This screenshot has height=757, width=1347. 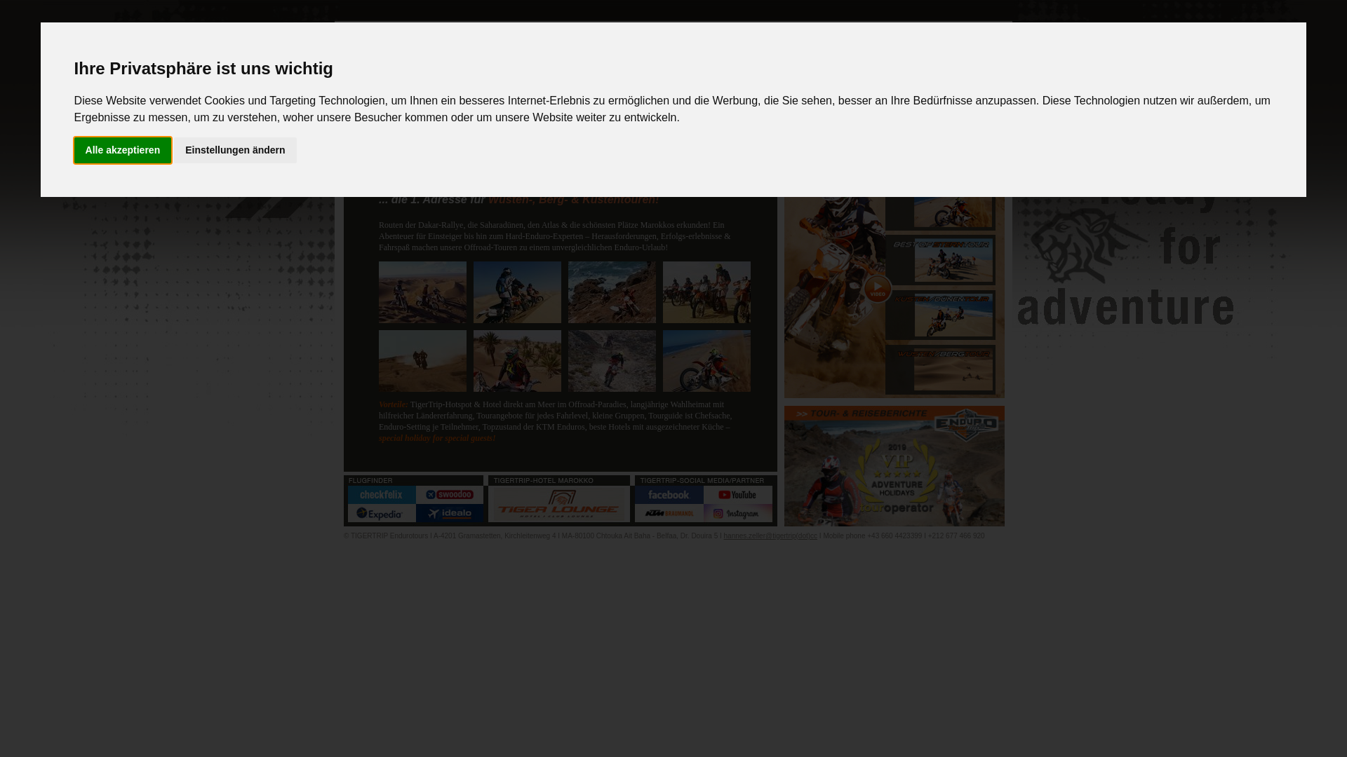 What do you see at coordinates (617, 142) in the screenshot?
I see `'TOUREN & INFOS'` at bounding box center [617, 142].